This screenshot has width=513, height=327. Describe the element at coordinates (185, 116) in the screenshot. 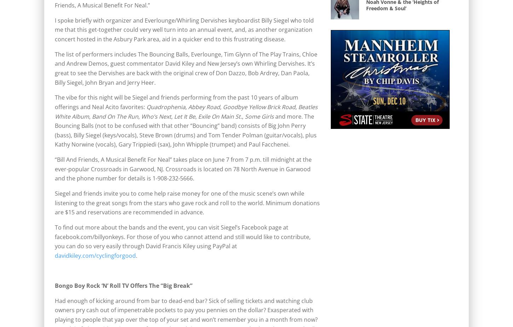

I see `'Let It Be'` at that location.